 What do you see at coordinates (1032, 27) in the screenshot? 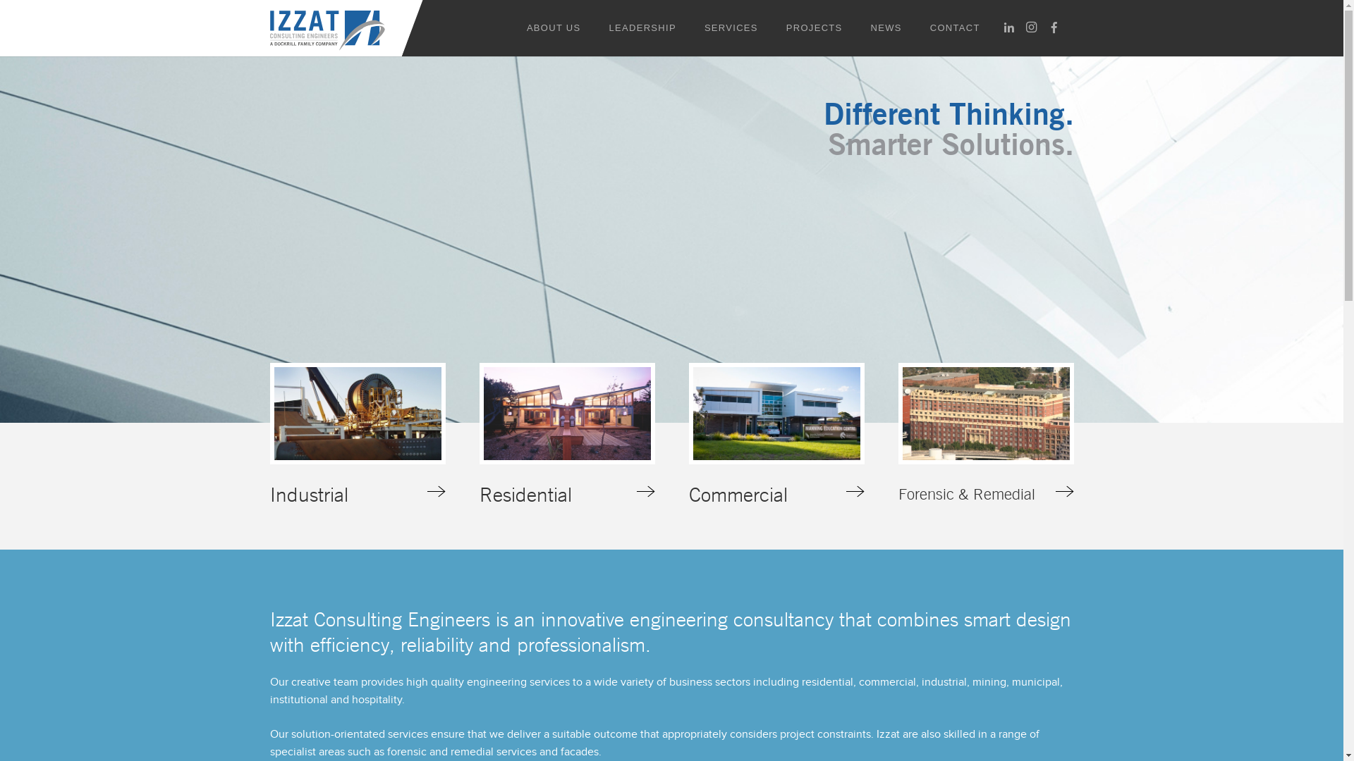
I see `'Instagram'` at bounding box center [1032, 27].